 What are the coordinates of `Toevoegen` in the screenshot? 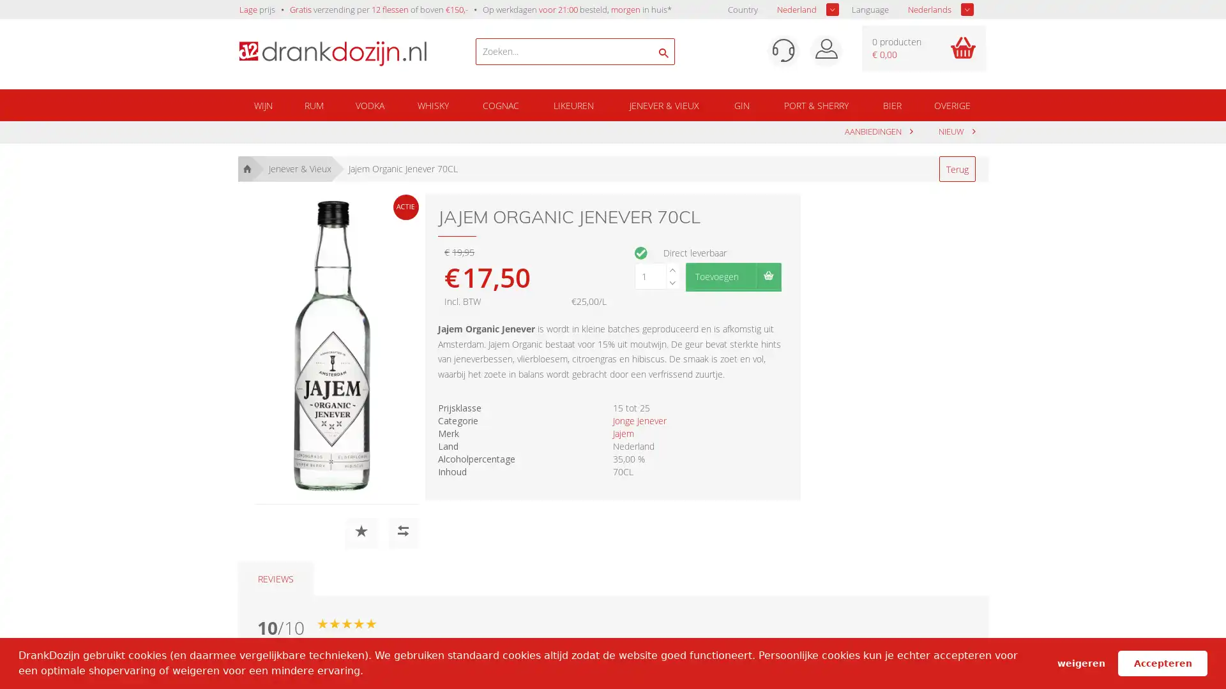 It's located at (732, 275).